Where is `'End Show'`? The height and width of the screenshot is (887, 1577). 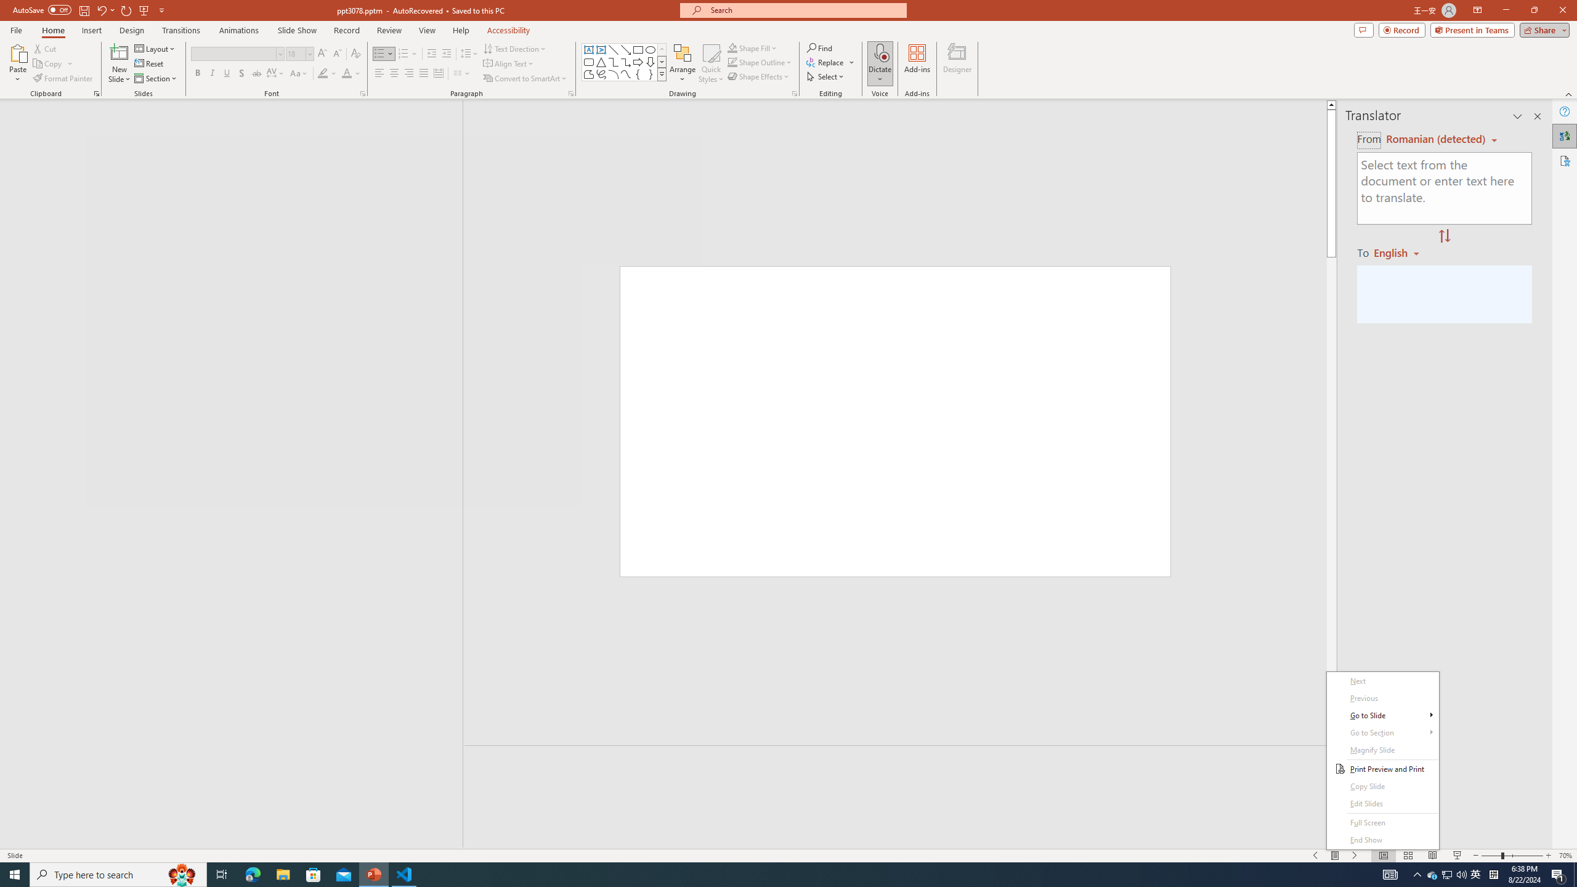
'End Show' is located at coordinates (1383, 840).